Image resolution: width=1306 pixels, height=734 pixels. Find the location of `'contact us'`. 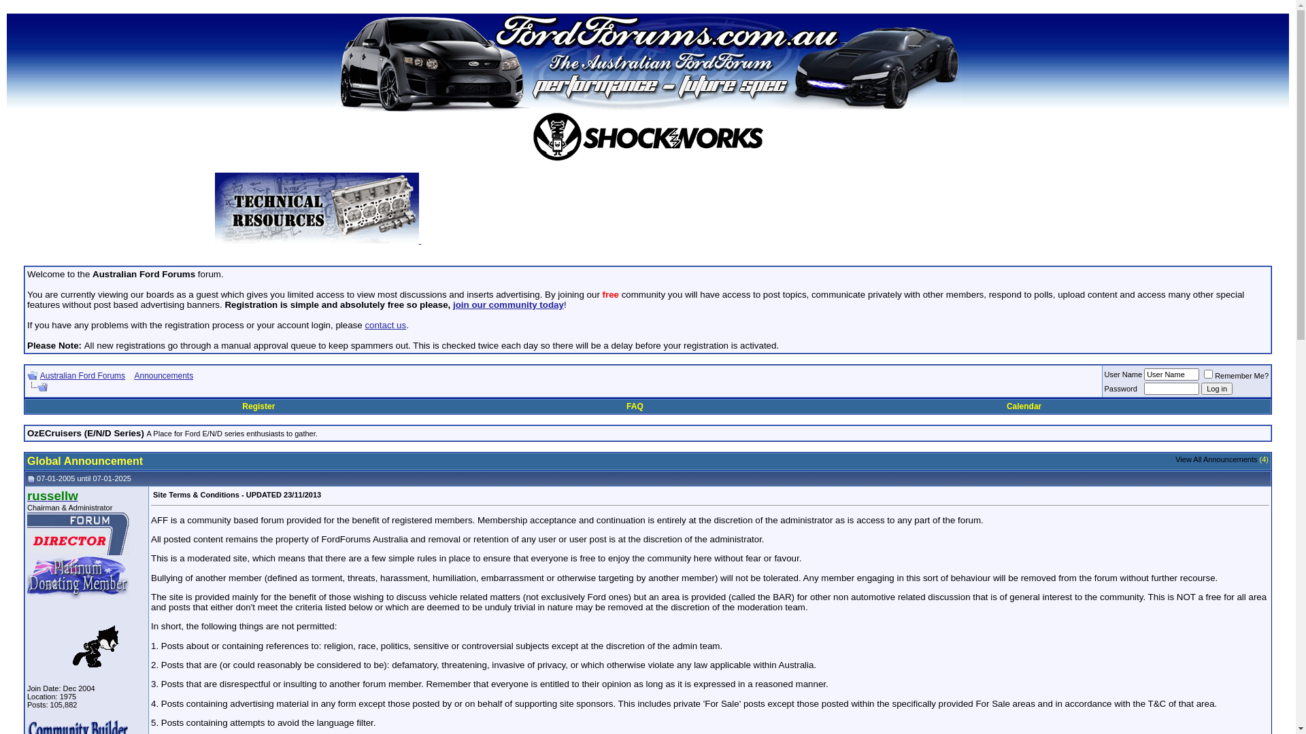

'contact us' is located at coordinates (384, 325).